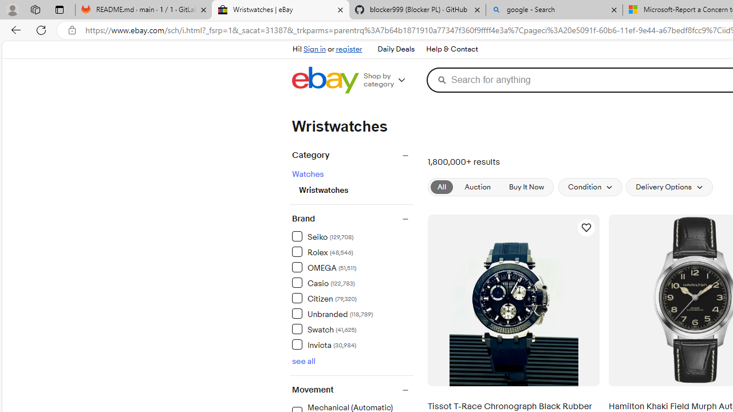  What do you see at coordinates (389, 80) in the screenshot?
I see `'Shop by category'` at bounding box center [389, 80].